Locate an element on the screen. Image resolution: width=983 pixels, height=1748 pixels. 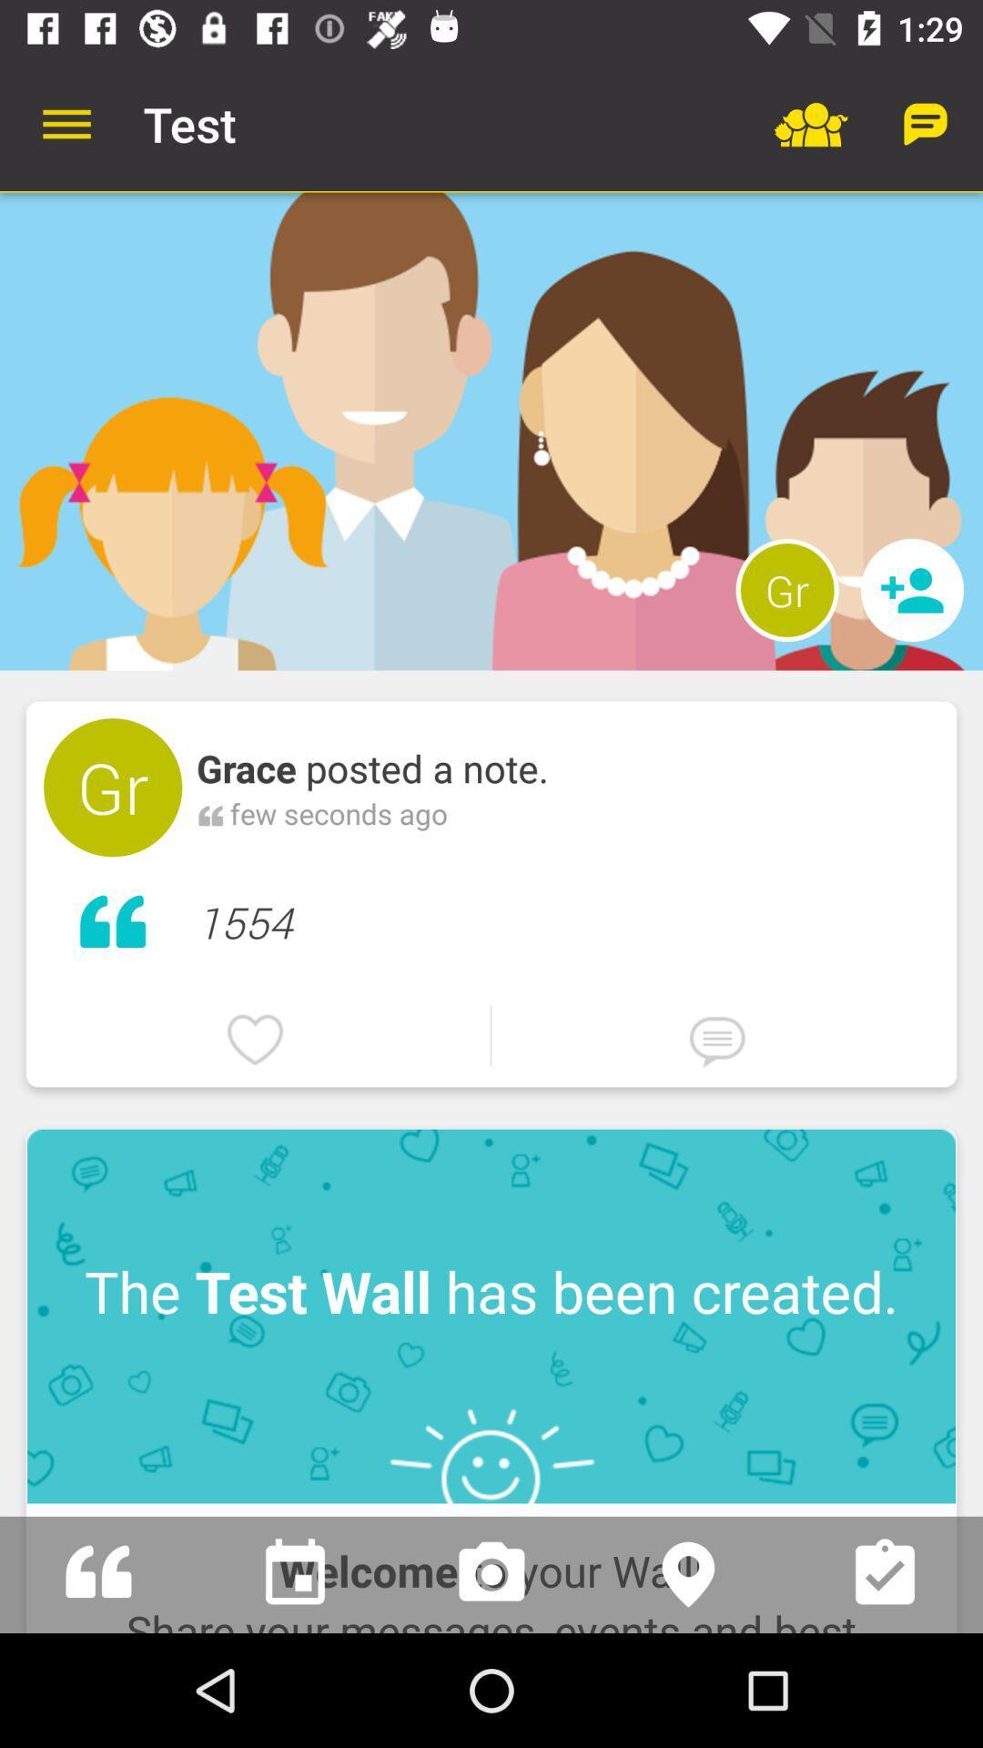
open camera is located at coordinates (491, 1573).